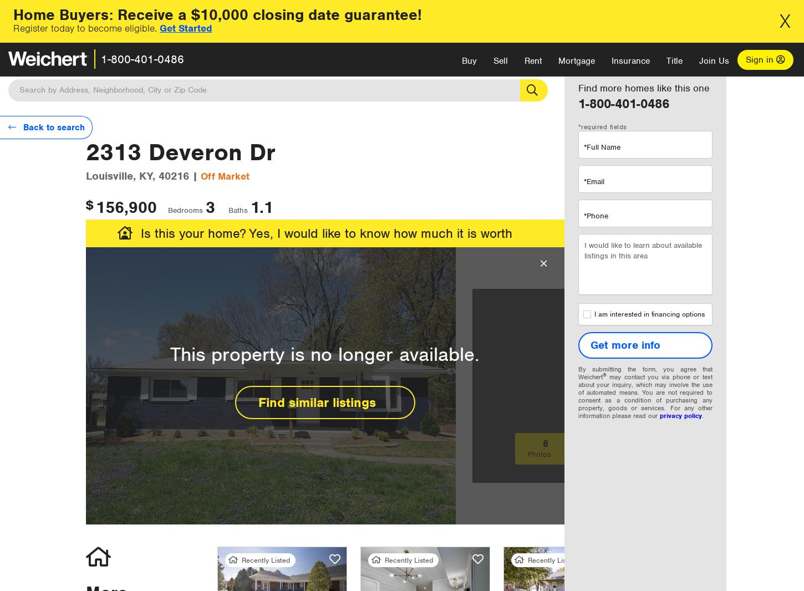 Image resolution: width=804 pixels, height=591 pixels. What do you see at coordinates (180, 152) in the screenshot?
I see `'2313 Deveron Dr'` at bounding box center [180, 152].